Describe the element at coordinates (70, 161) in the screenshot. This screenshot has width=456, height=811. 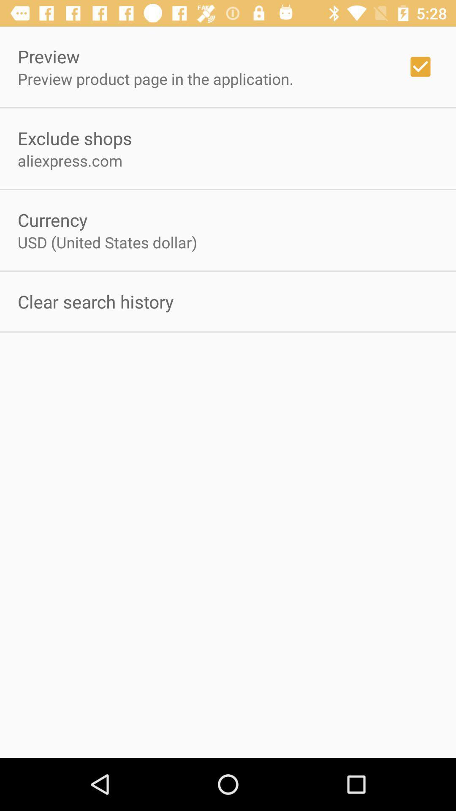
I see `aliexpress.com app` at that location.